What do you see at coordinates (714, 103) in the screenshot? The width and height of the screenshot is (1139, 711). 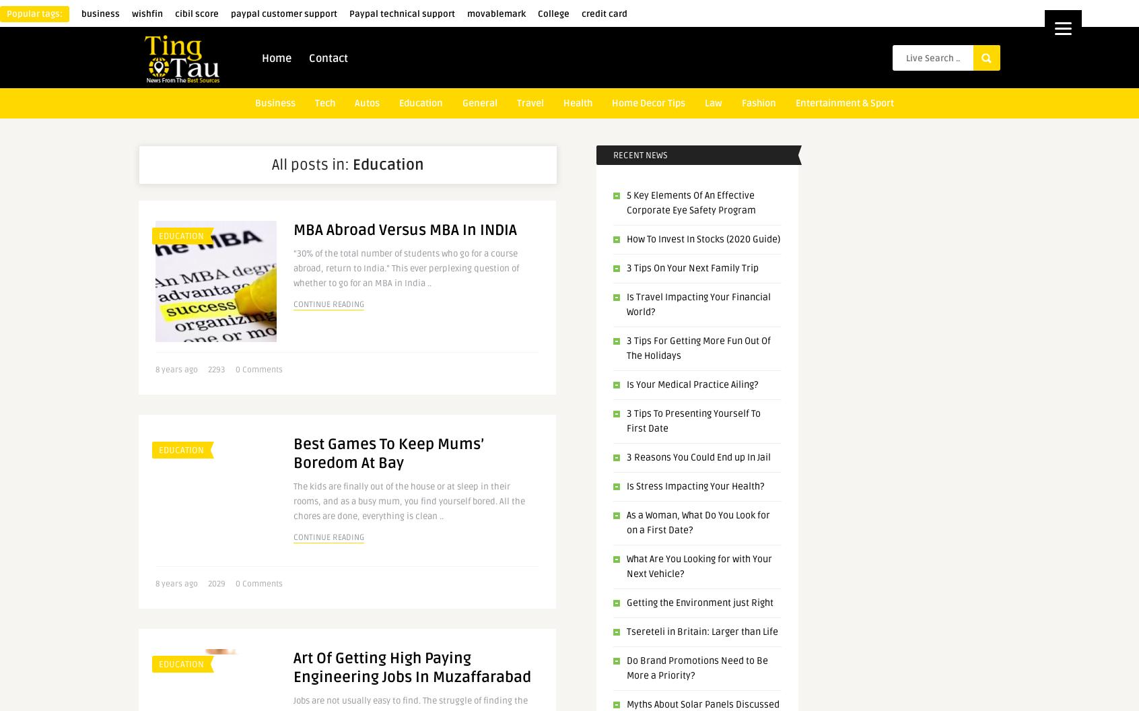 I see `'Law'` at bounding box center [714, 103].